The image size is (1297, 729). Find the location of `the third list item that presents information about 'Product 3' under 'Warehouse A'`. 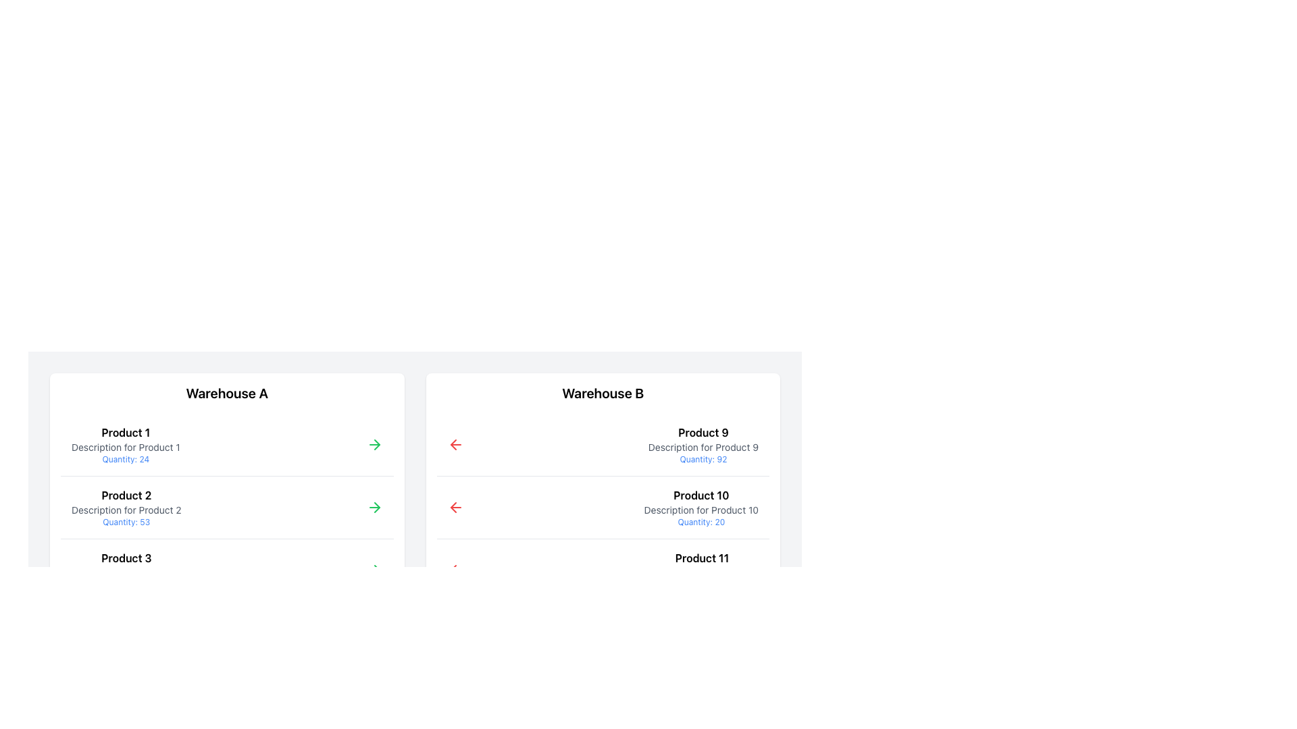

the third list item that presents information about 'Product 3' under 'Warehouse A' is located at coordinates (126, 570).